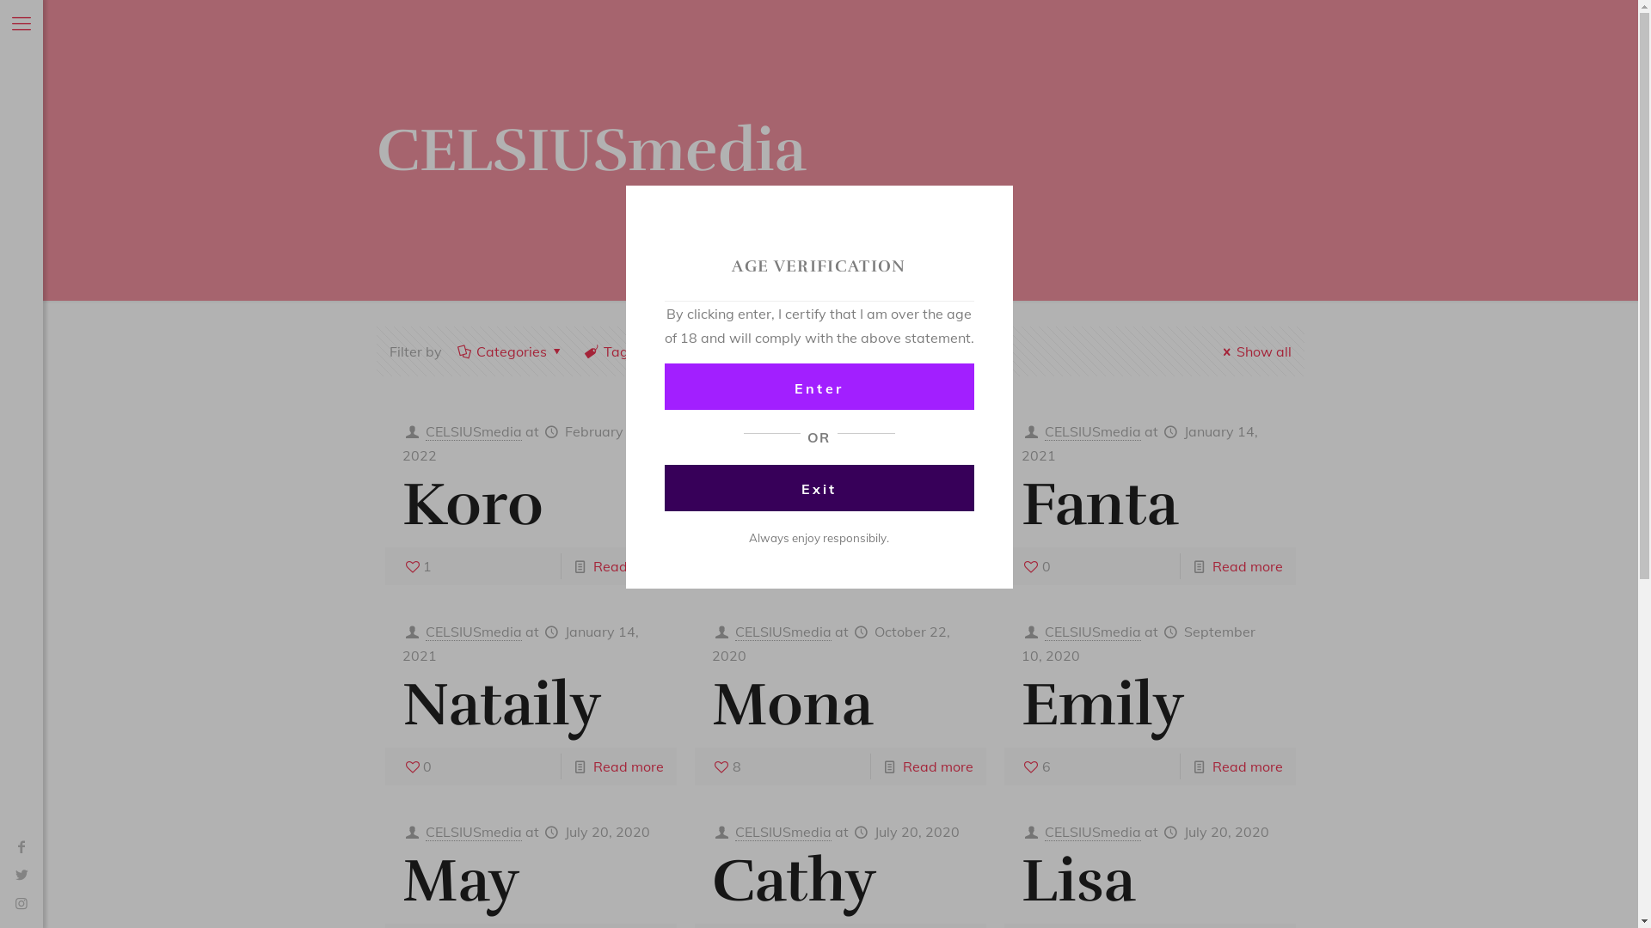 This screenshot has height=928, width=1651. What do you see at coordinates (793, 881) in the screenshot?
I see `'Cathy'` at bounding box center [793, 881].